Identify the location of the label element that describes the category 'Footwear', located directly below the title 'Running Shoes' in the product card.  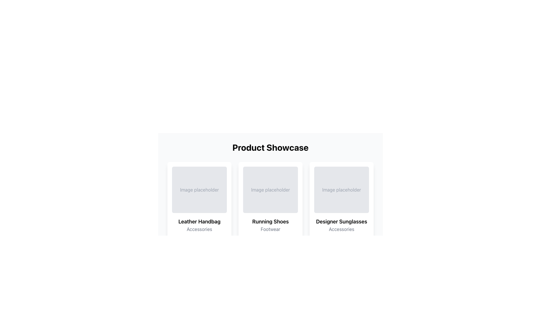
(270, 229).